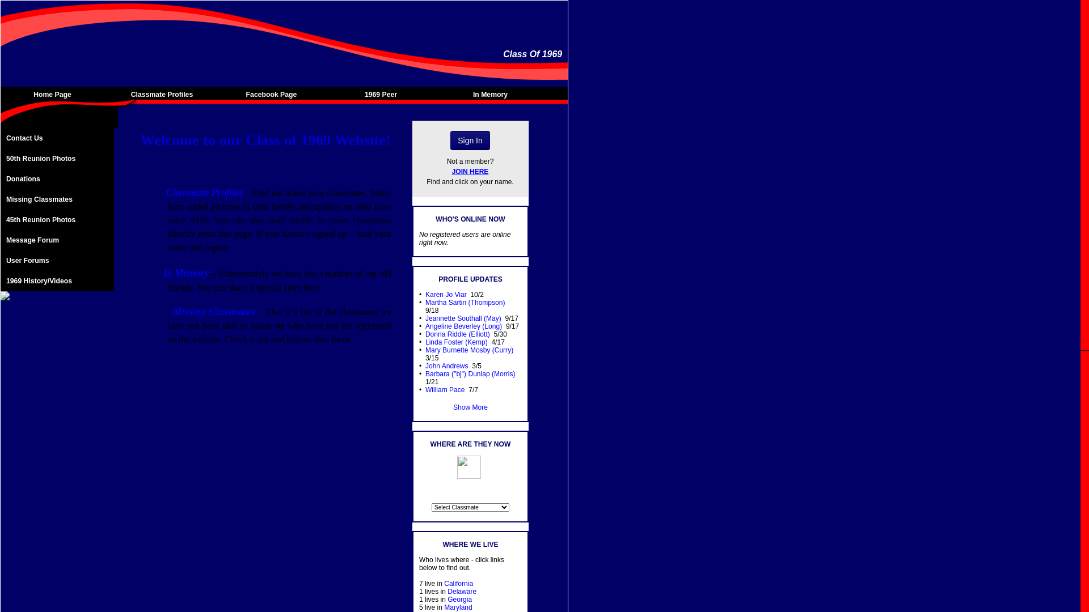 Image resolution: width=1089 pixels, height=612 pixels. Describe the element at coordinates (0, 159) in the screenshot. I see `'50th Reunion Photos'` at that location.